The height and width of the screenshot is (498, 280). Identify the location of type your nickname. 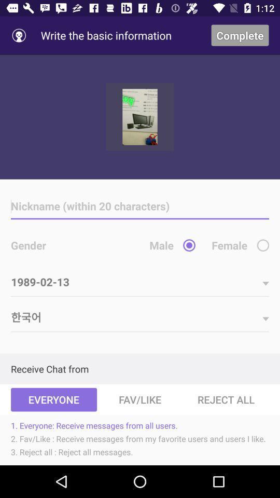
(140, 206).